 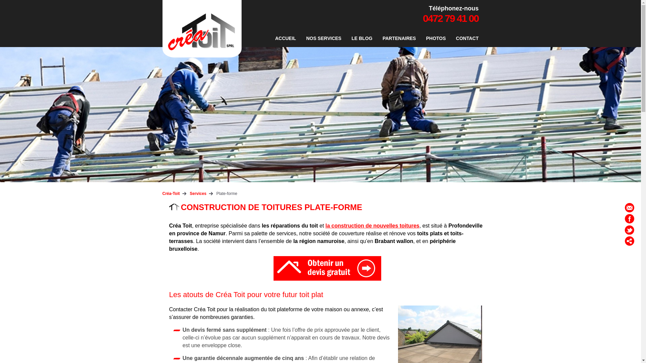 I want to click on 'Partager ce contenu', so click(x=629, y=241).